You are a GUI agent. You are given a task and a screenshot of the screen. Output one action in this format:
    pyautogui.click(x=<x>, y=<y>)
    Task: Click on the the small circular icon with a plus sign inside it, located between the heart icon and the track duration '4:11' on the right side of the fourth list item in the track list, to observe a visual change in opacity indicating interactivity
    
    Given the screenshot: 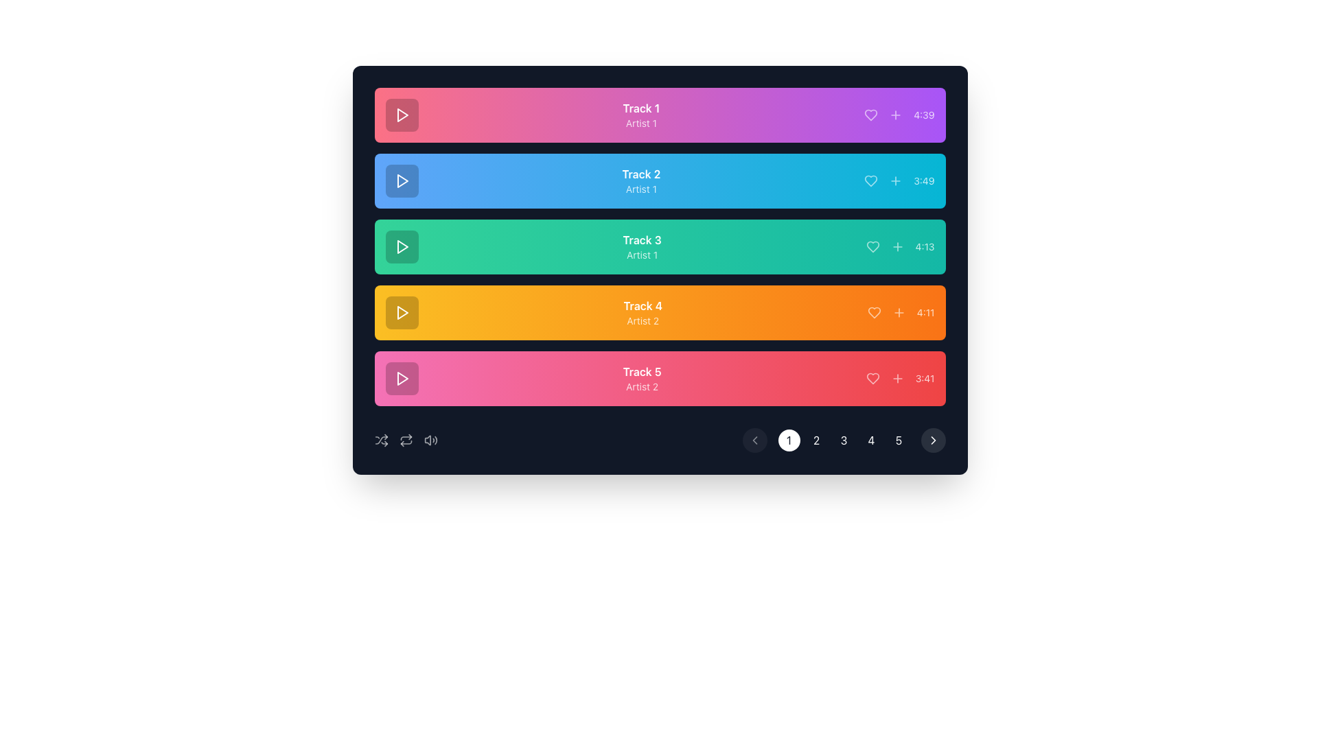 What is the action you would take?
    pyautogui.click(x=899, y=312)
    